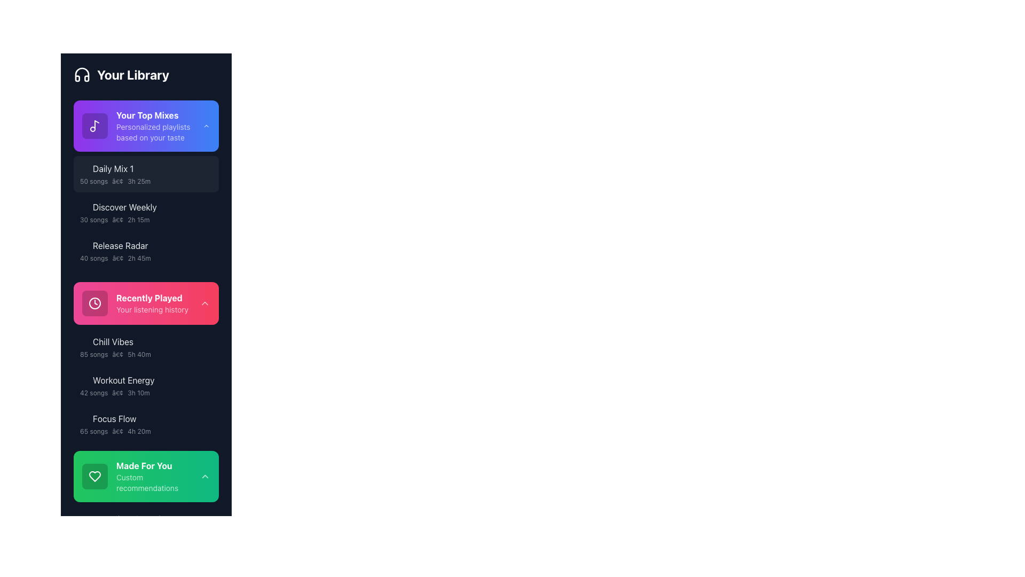 The width and height of the screenshot is (1025, 577). I want to click on the bullet point icon located between the '42 songs' text and the '3h 10m' text in the list section, so click(117, 393).